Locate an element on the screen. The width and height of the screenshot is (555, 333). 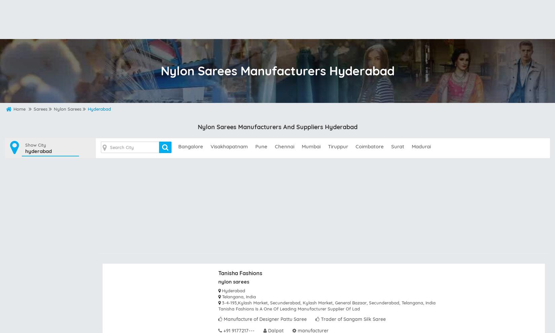
'Indian sarees Wholesalers Bahraich' is located at coordinates (372, 74).